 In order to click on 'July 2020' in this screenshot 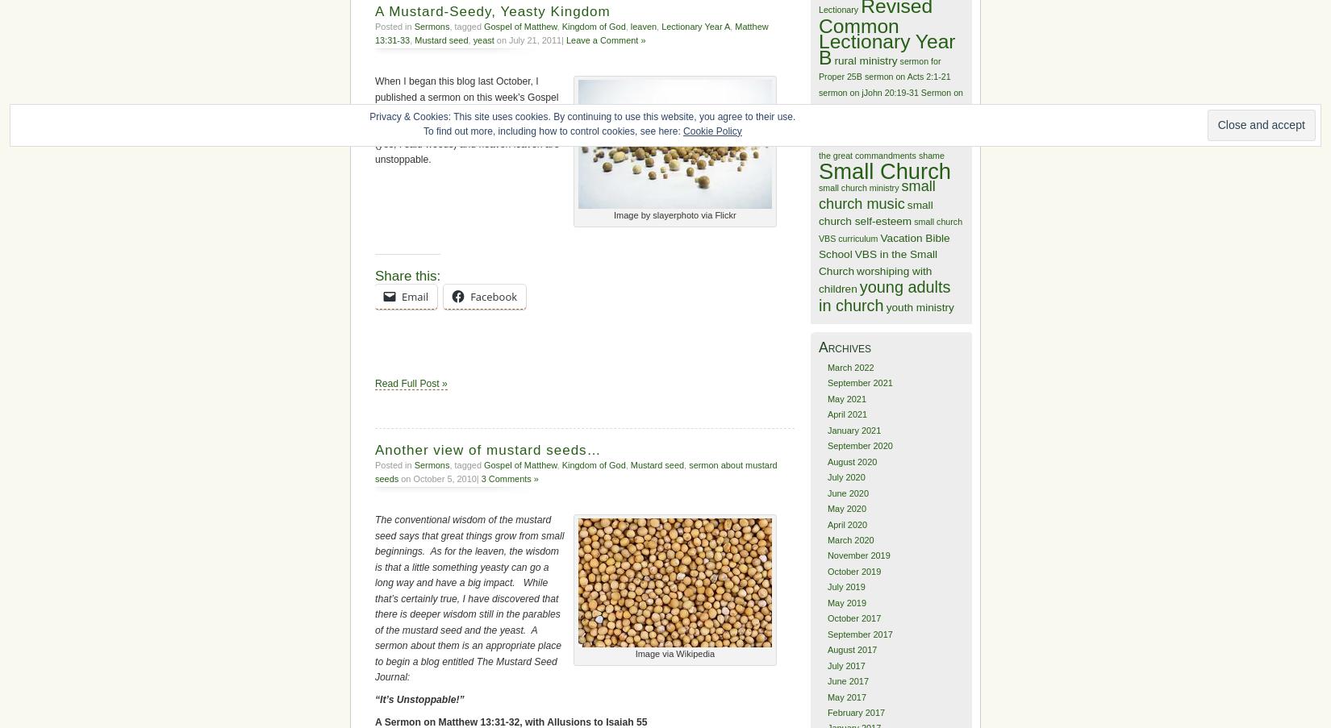, I will do `click(845, 477)`.